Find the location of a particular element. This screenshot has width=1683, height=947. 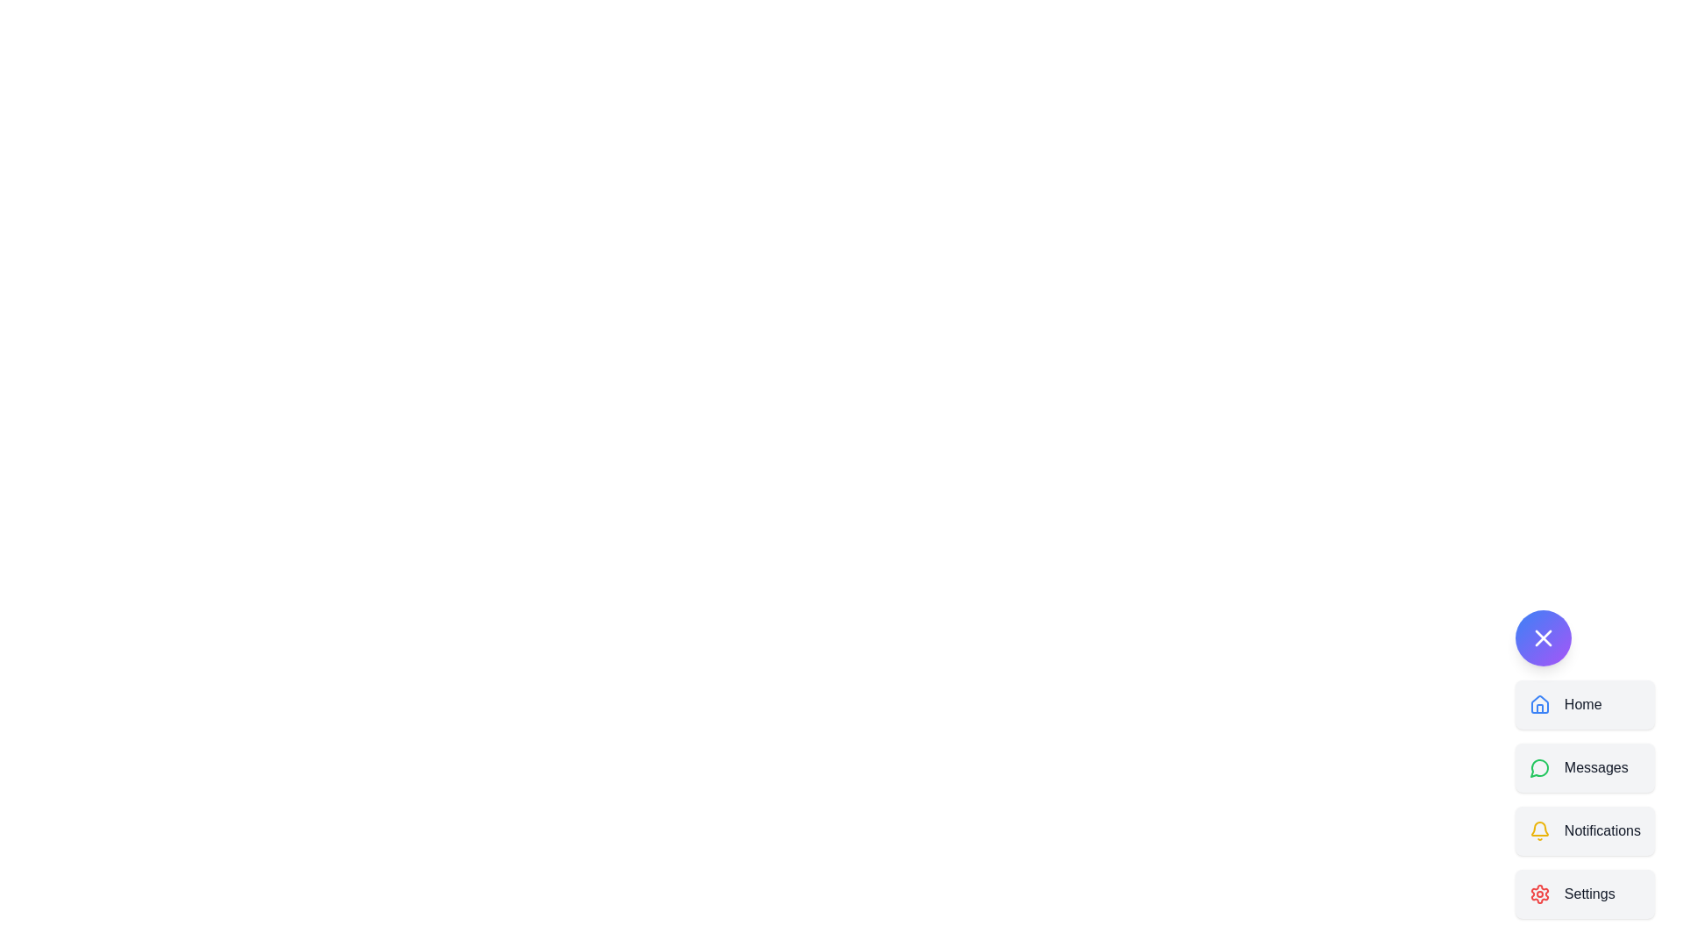

the button labeled 'Messages' which has a green chat bubble icon is located at coordinates (1585, 766).